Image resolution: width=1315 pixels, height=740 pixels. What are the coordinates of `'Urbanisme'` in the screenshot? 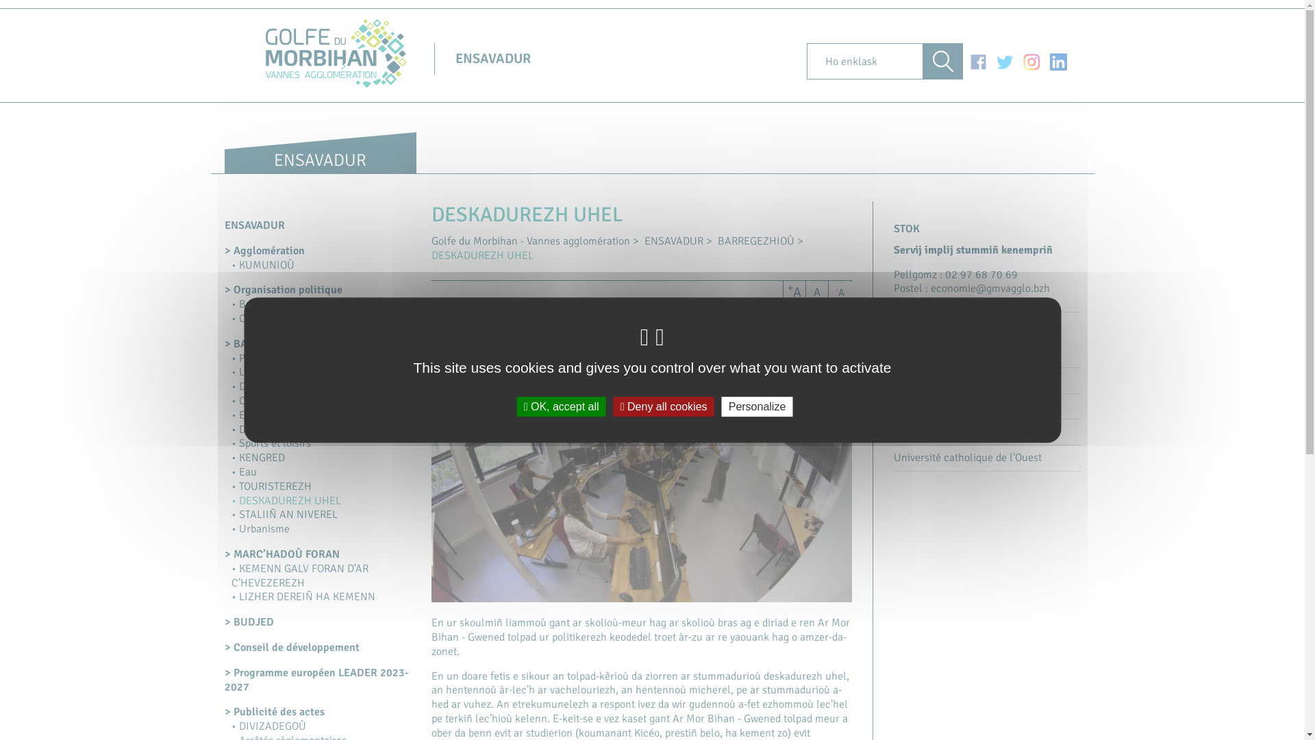 It's located at (231, 528).